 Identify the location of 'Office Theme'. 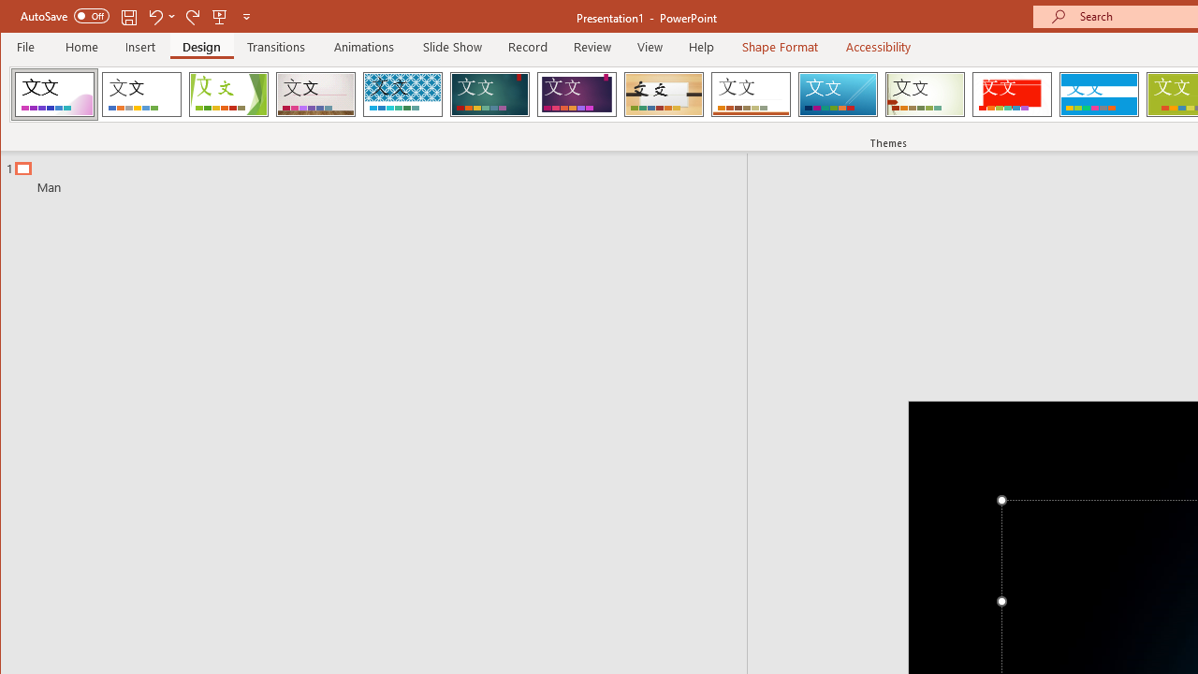
(140, 94).